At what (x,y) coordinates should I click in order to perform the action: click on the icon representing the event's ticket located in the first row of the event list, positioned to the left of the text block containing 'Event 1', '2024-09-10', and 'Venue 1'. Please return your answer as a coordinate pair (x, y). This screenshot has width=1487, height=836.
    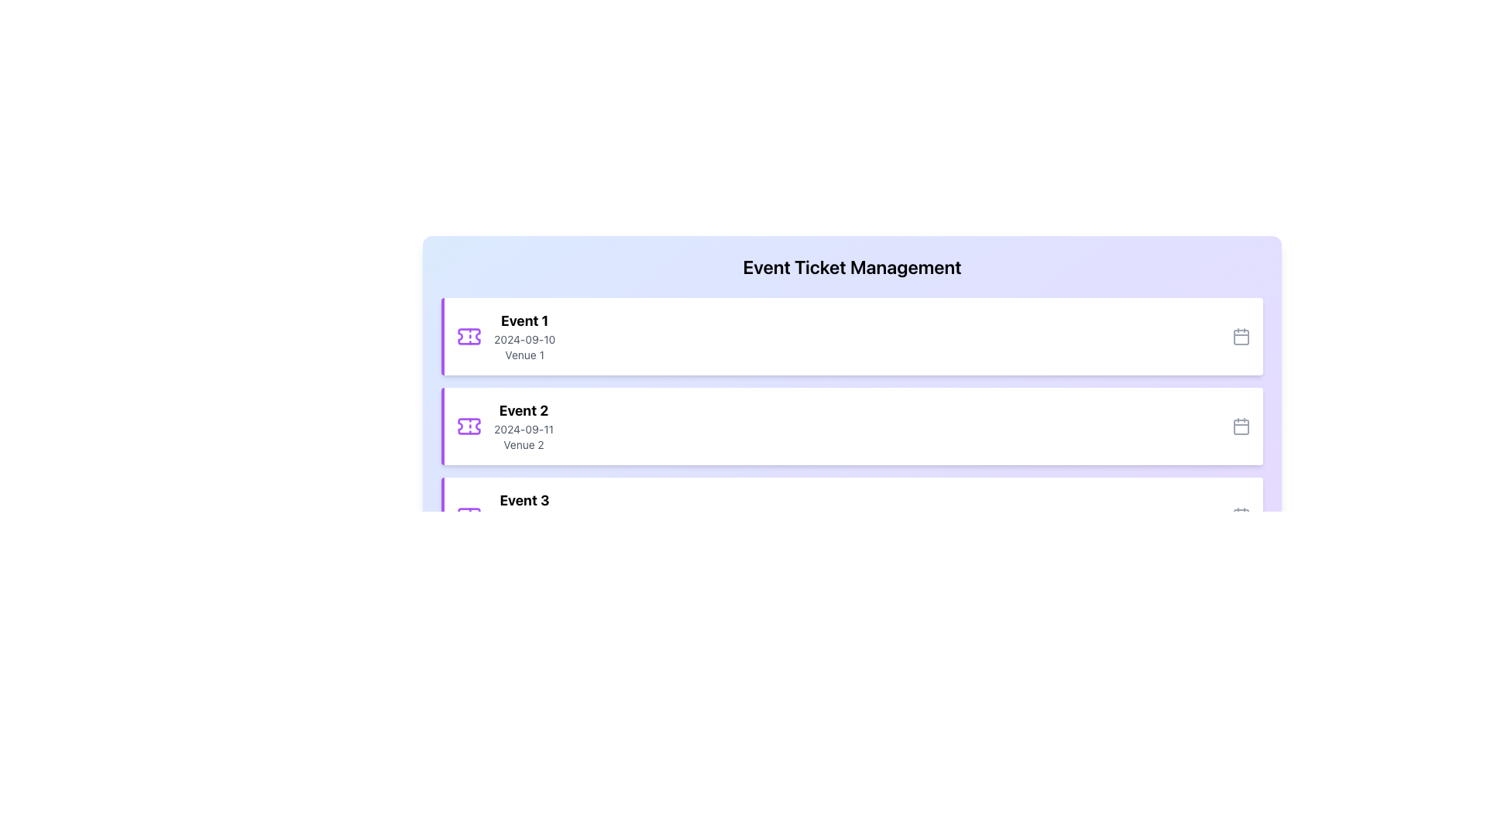
    Looking at the image, I should click on (468, 336).